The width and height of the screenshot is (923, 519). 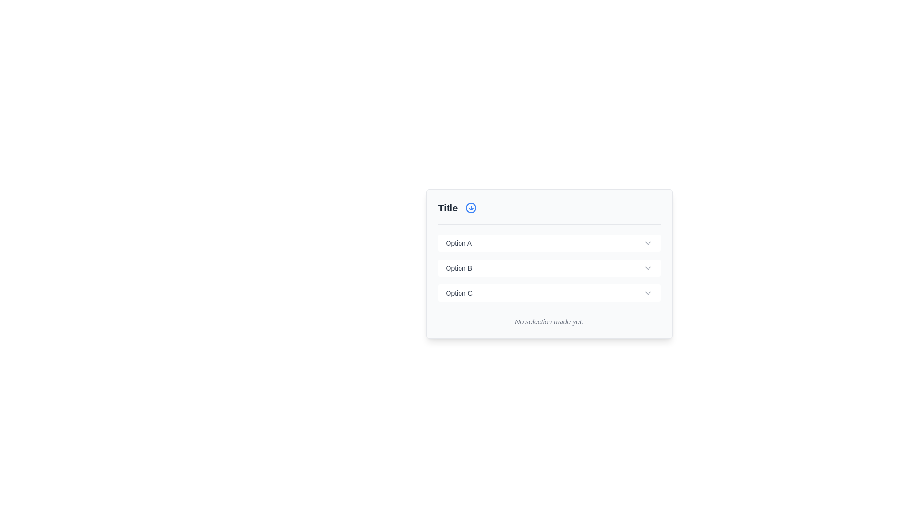 I want to click on the text label for 'Option B', which serves as a textual identifier for the corresponding list item in the vertically stacked list under the heading 'Title', so click(x=458, y=268).